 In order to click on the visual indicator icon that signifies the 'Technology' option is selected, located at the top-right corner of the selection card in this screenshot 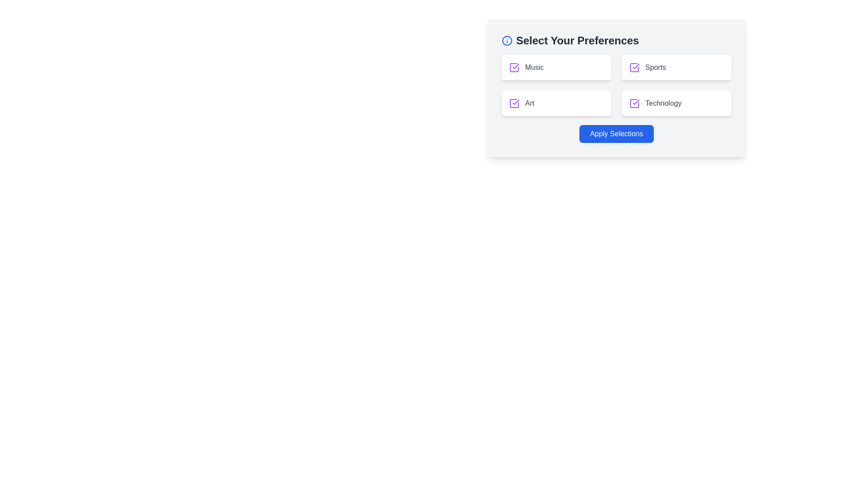, I will do `click(635, 101)`.